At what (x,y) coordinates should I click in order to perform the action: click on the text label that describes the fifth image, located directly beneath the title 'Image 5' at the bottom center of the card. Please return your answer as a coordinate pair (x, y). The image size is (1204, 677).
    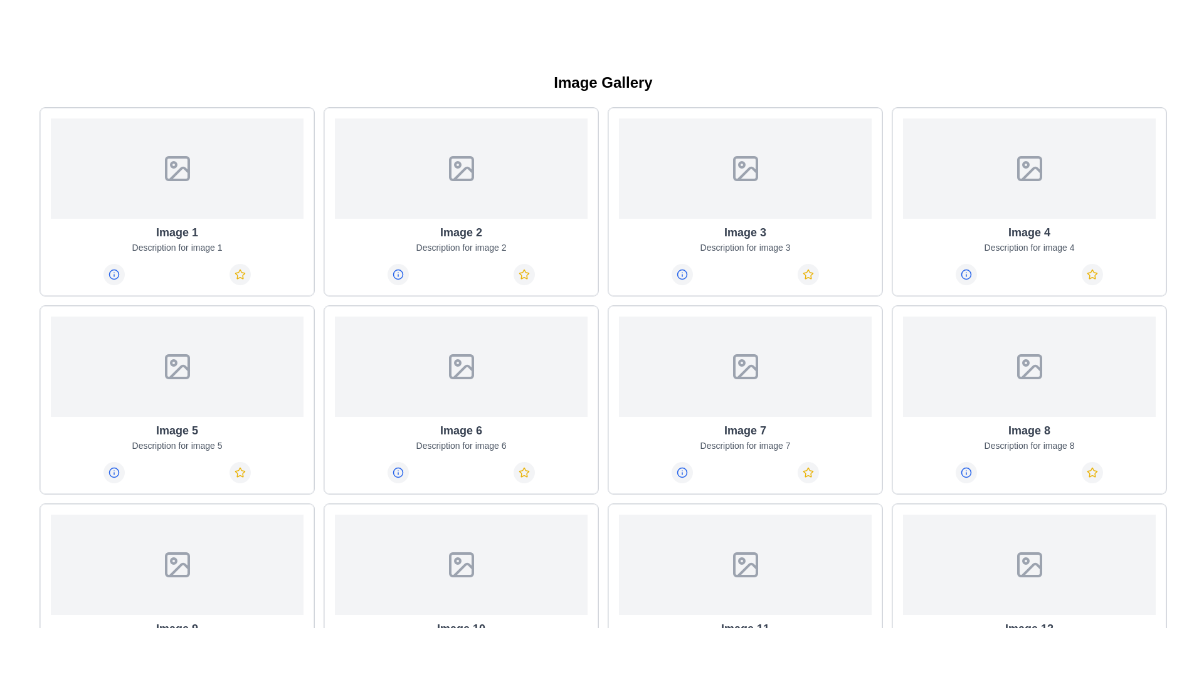
    Looking at the image, I should click on (176, 444).